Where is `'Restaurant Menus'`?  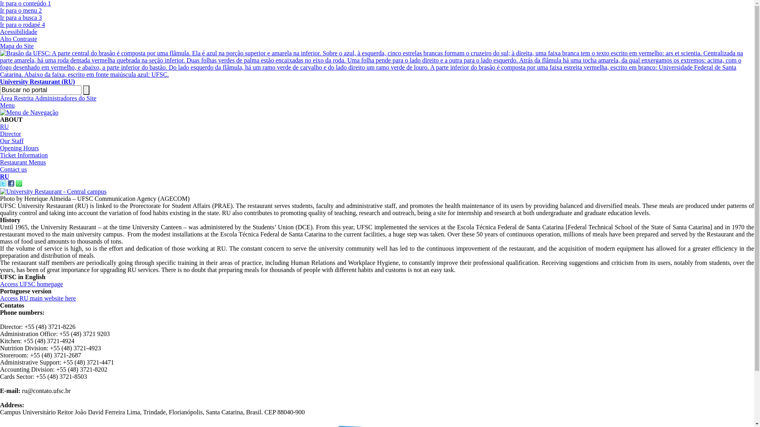
'Restaurant Menus' is located at coordinates (23, 162).